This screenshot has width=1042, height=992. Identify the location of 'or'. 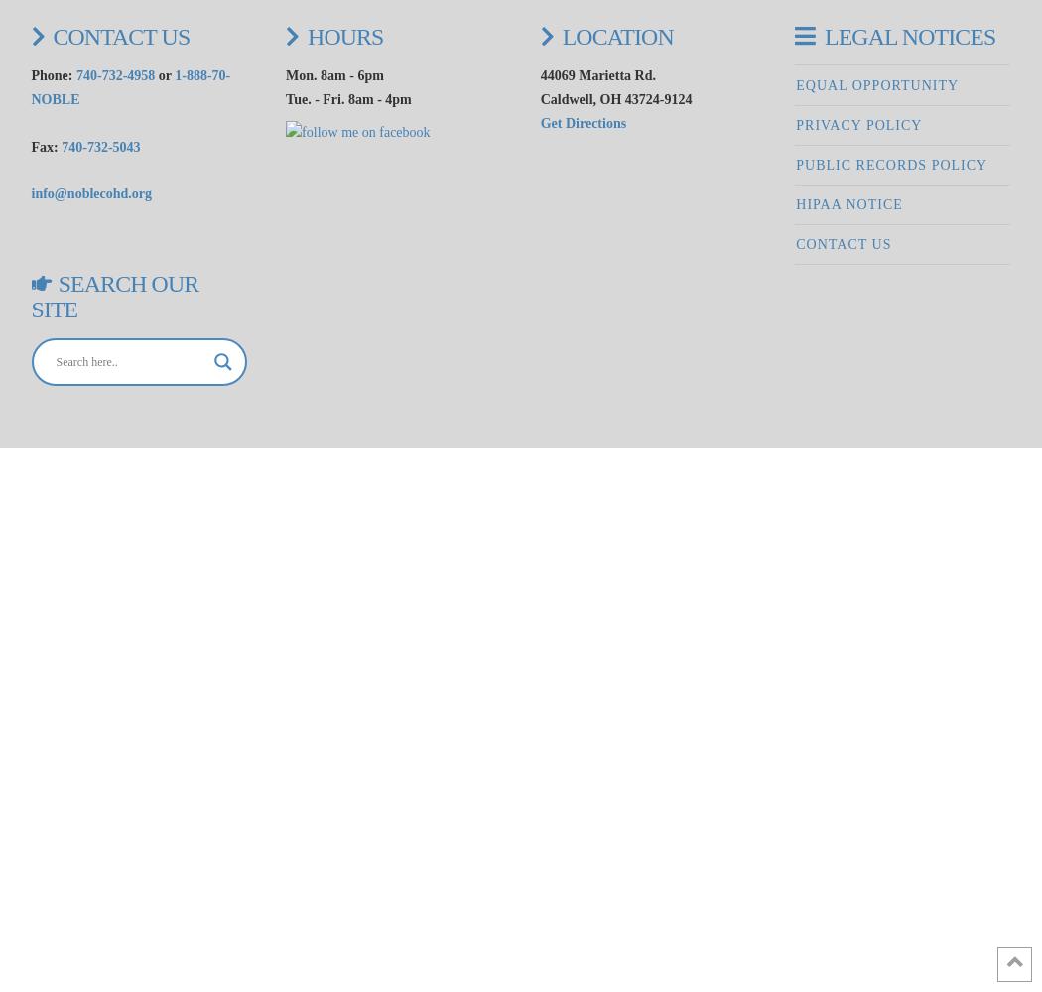
(155, 74).